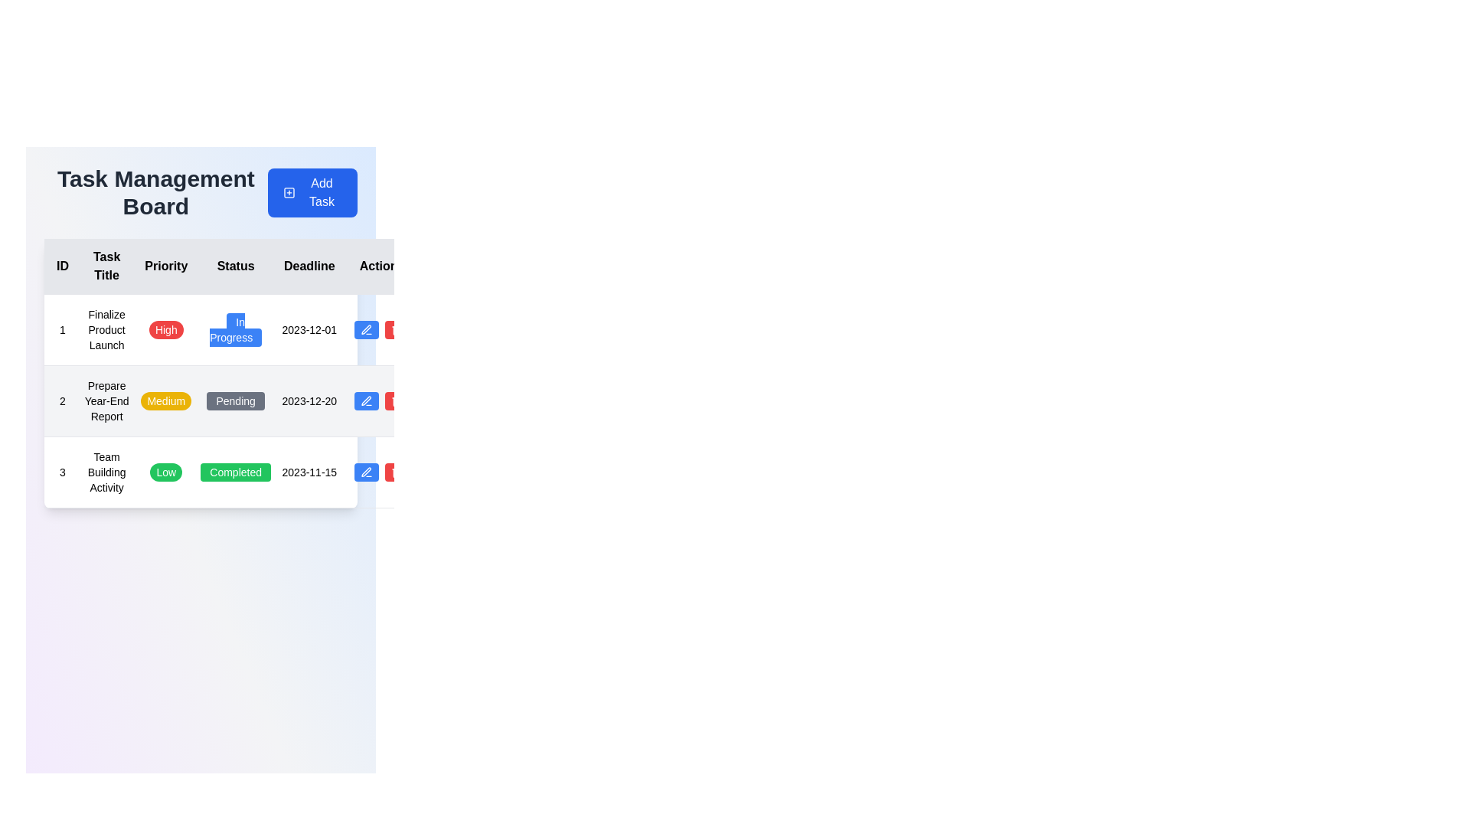 Image resolution: width=1470 pixels, height=827 pixels. What do you see at coordinates (365, 329) in the screenshot?
I see `the pen icon located in the second row of the task list within the 'Action' column` at bounding box center [365, 329].